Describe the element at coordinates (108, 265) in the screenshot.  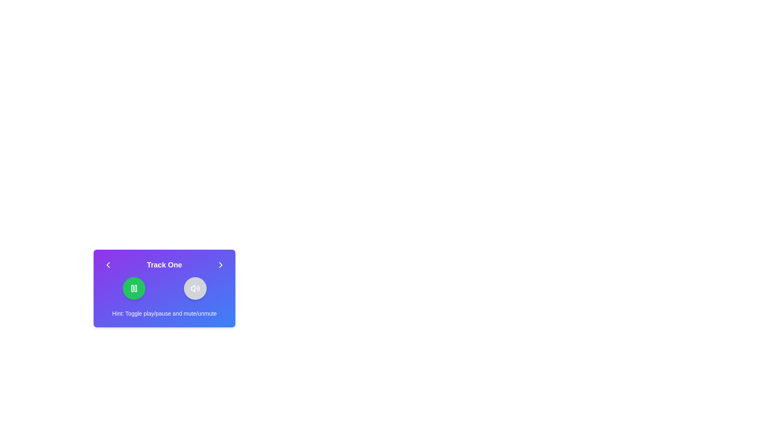
I see `the left-pointing chevron icon located adjacent to the 'Track One' text` at that location.